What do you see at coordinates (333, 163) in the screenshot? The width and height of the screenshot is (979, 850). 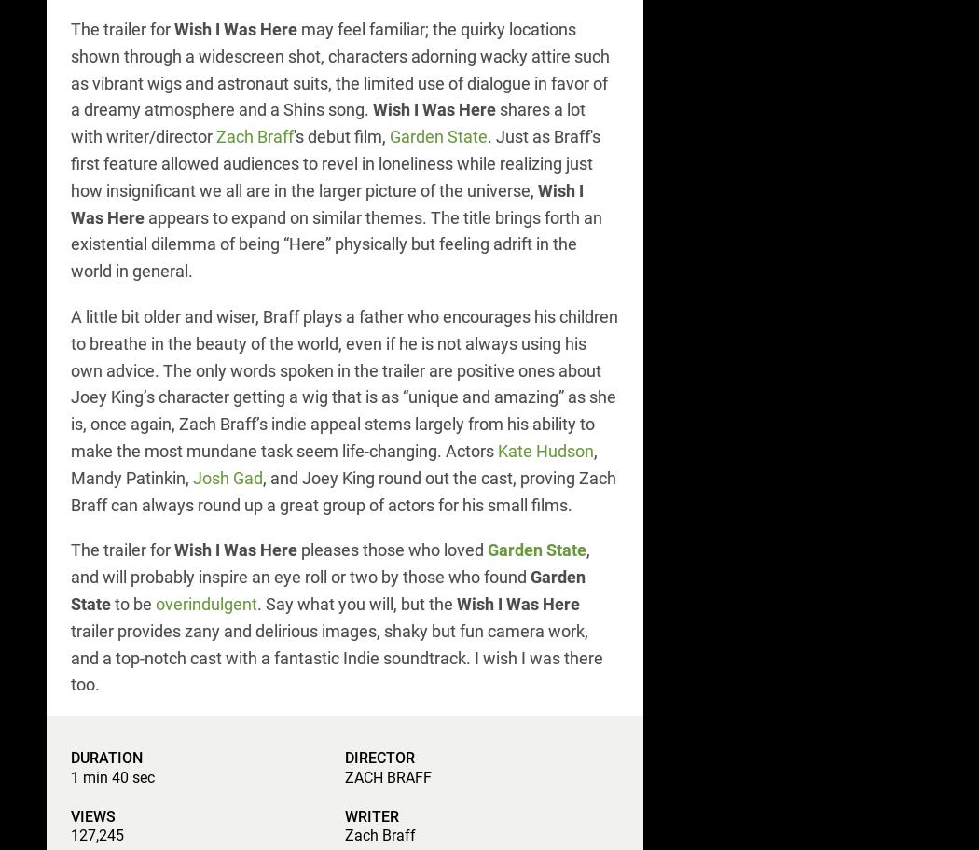 I see `'. Just as Braff's first feature allowed
audiences to revel in loneliness while realizing just how insignificant we all
are in the larger picture of the universe,'` at bounding box center [333, 163].